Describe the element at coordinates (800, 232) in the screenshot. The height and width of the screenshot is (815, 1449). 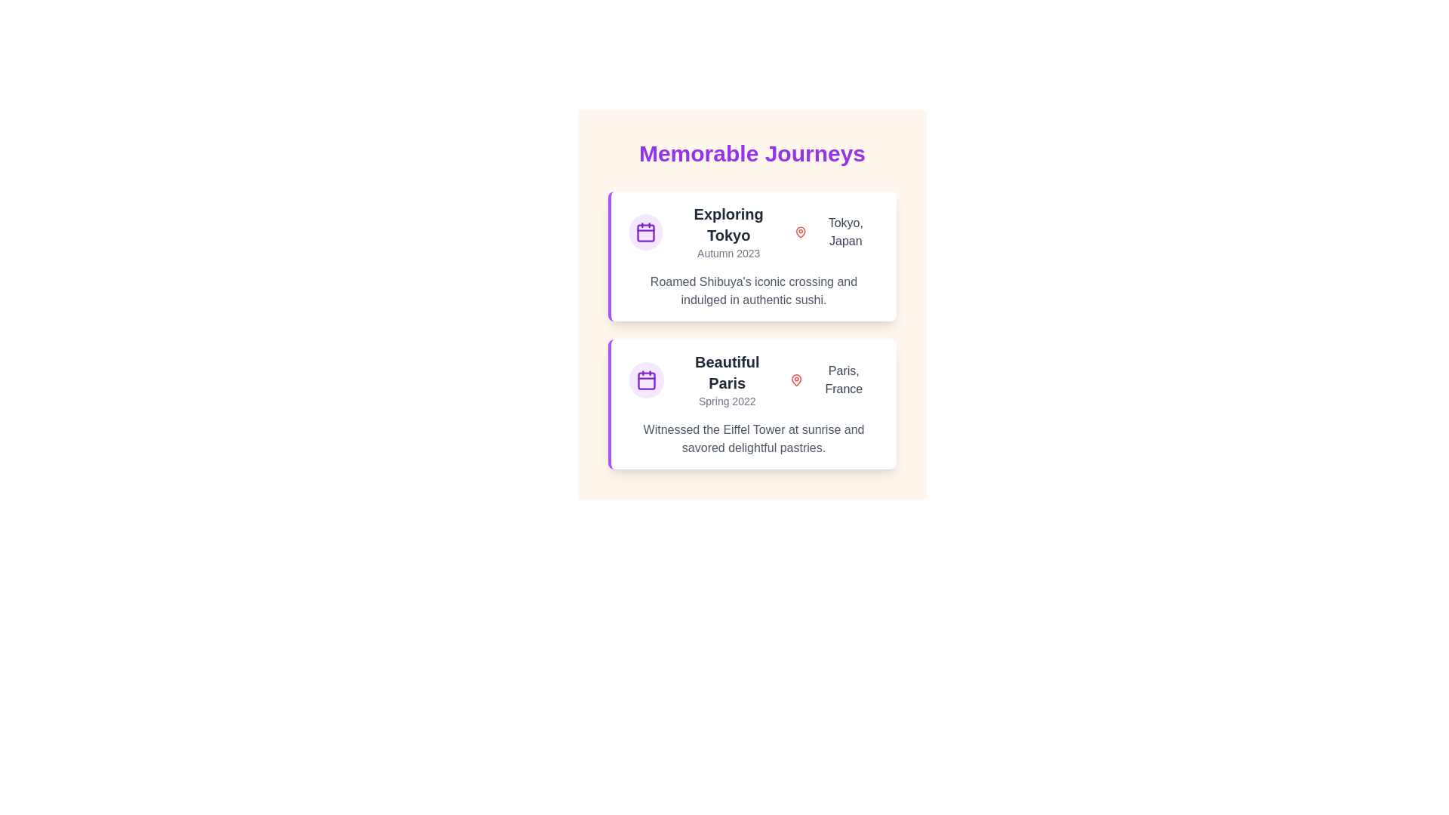
I see `the red map pin icon located in the top right corner of the 'Exploring Tokyo' card, positioned to the left of the text 'Tokyo, Japan'` at that location.